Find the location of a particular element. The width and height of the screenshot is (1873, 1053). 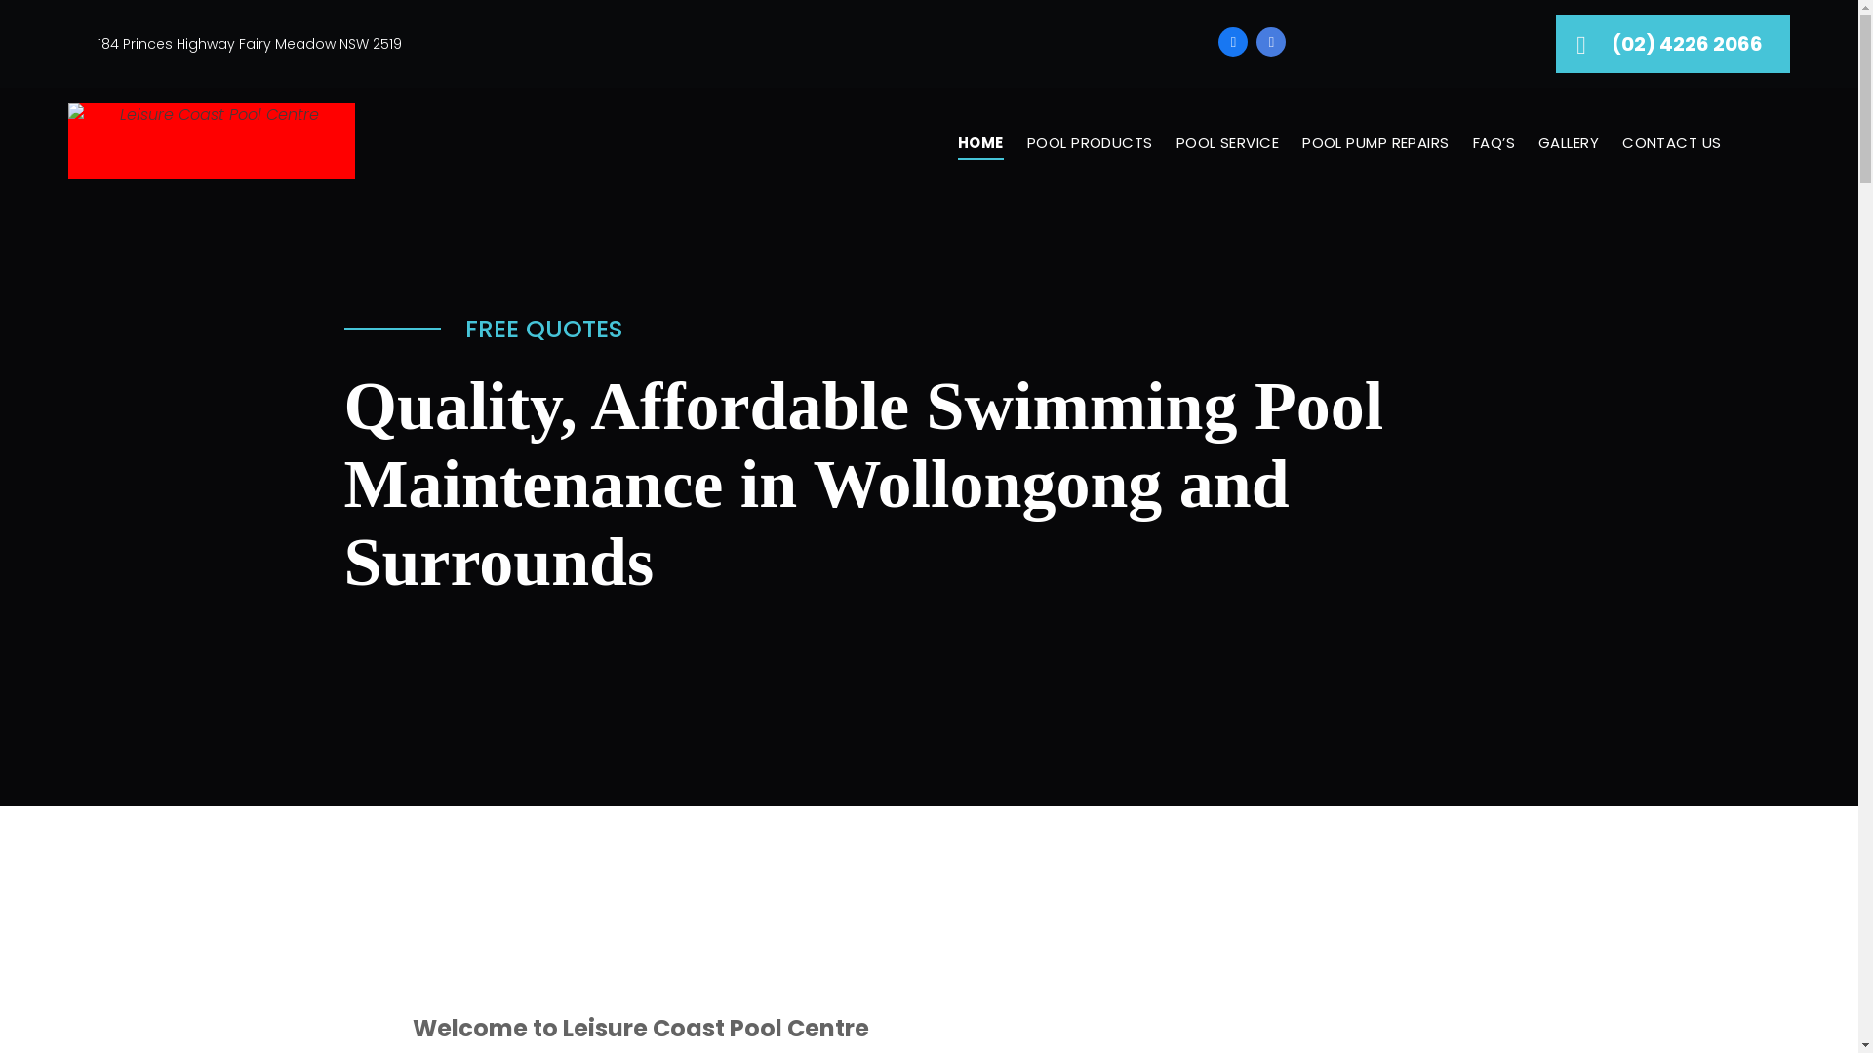

'POOL PRODUCTS' is located at coordinates (1089, 142).